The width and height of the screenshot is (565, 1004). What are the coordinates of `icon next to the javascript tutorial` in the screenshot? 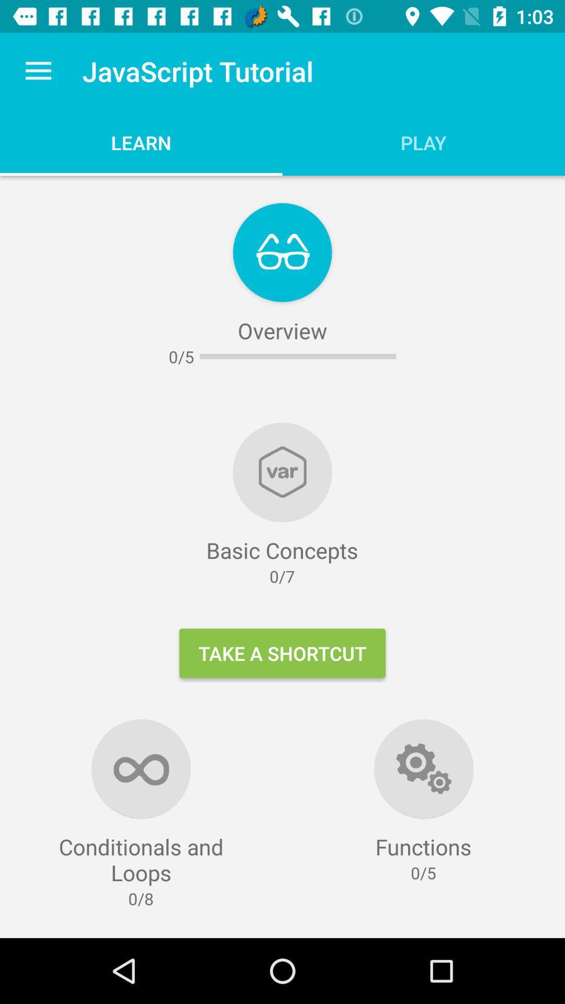 It's located at (38, 71).